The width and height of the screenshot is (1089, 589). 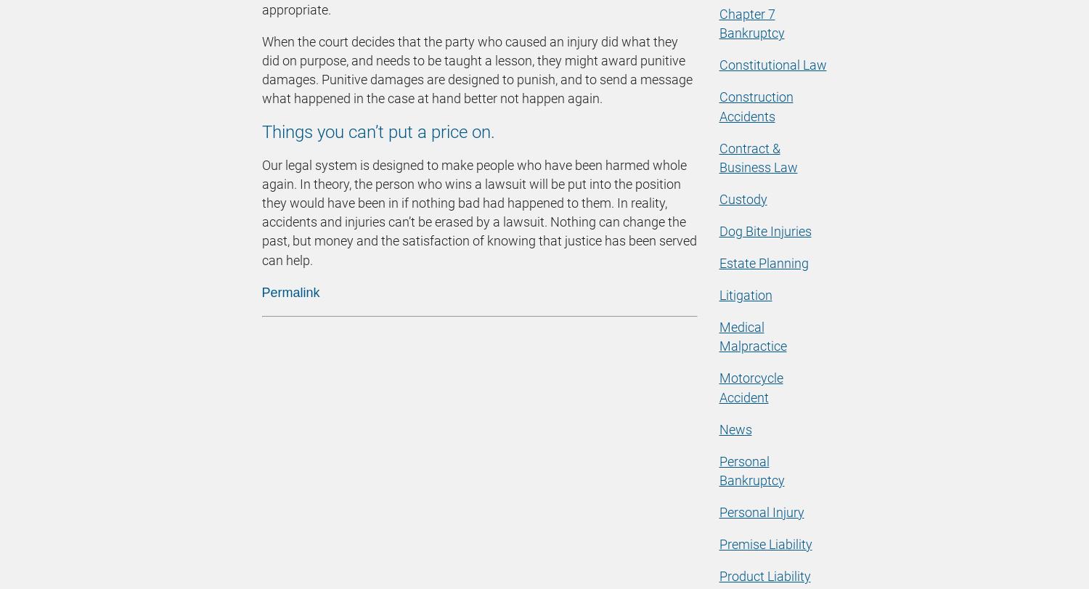 I want to click on 'Chapter 7 Bankruptcy', so click(x=718, y=23).